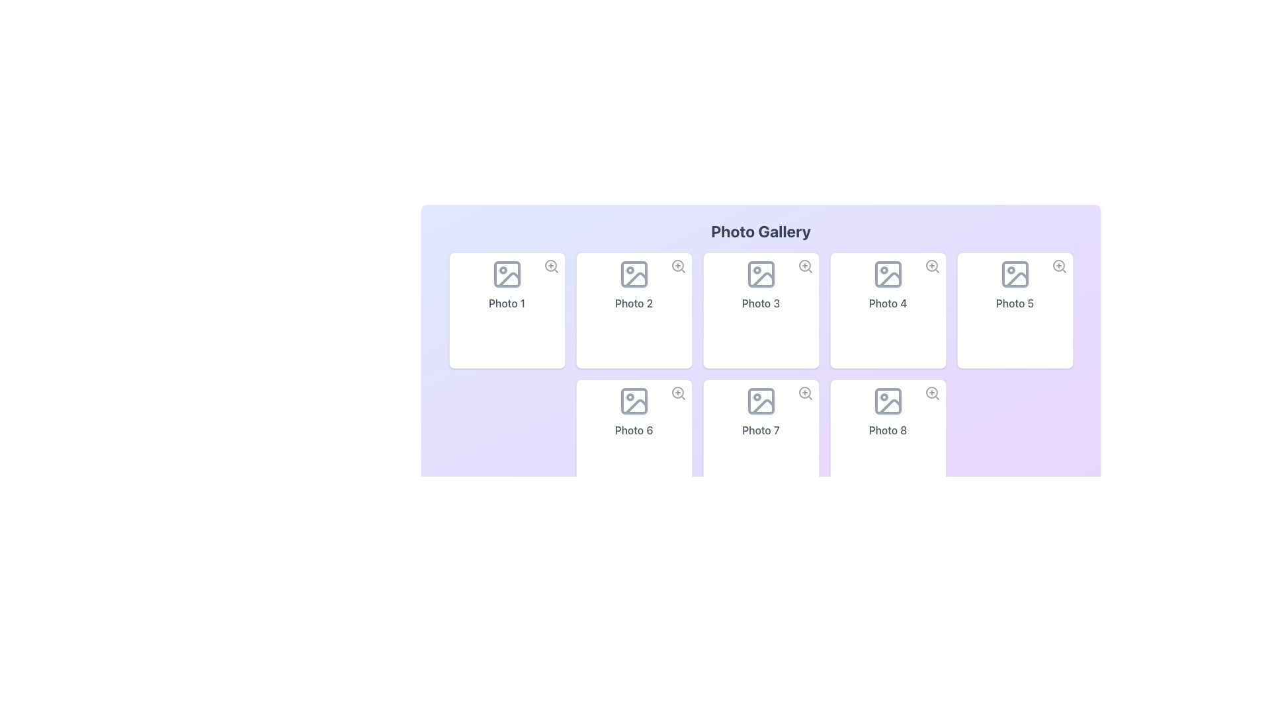 The image size is (1270, 714). What do you see at coordinates (550, 265) in the screenshot?
I see `the circular lens of the magnifying glass icon in the top-left corner of the photo gallery grid, which is part of the thumbnail labeled 'Photo 1'` at bounding box center [550, 265].